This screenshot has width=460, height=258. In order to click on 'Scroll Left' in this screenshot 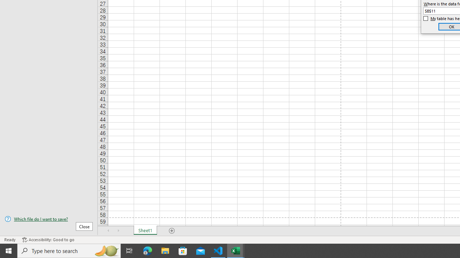, I will do `click(108, 231)`.